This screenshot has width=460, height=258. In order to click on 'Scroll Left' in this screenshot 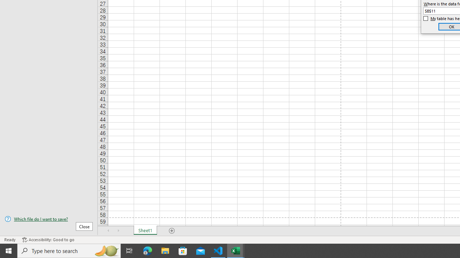, I will do `click(108, 231)`.